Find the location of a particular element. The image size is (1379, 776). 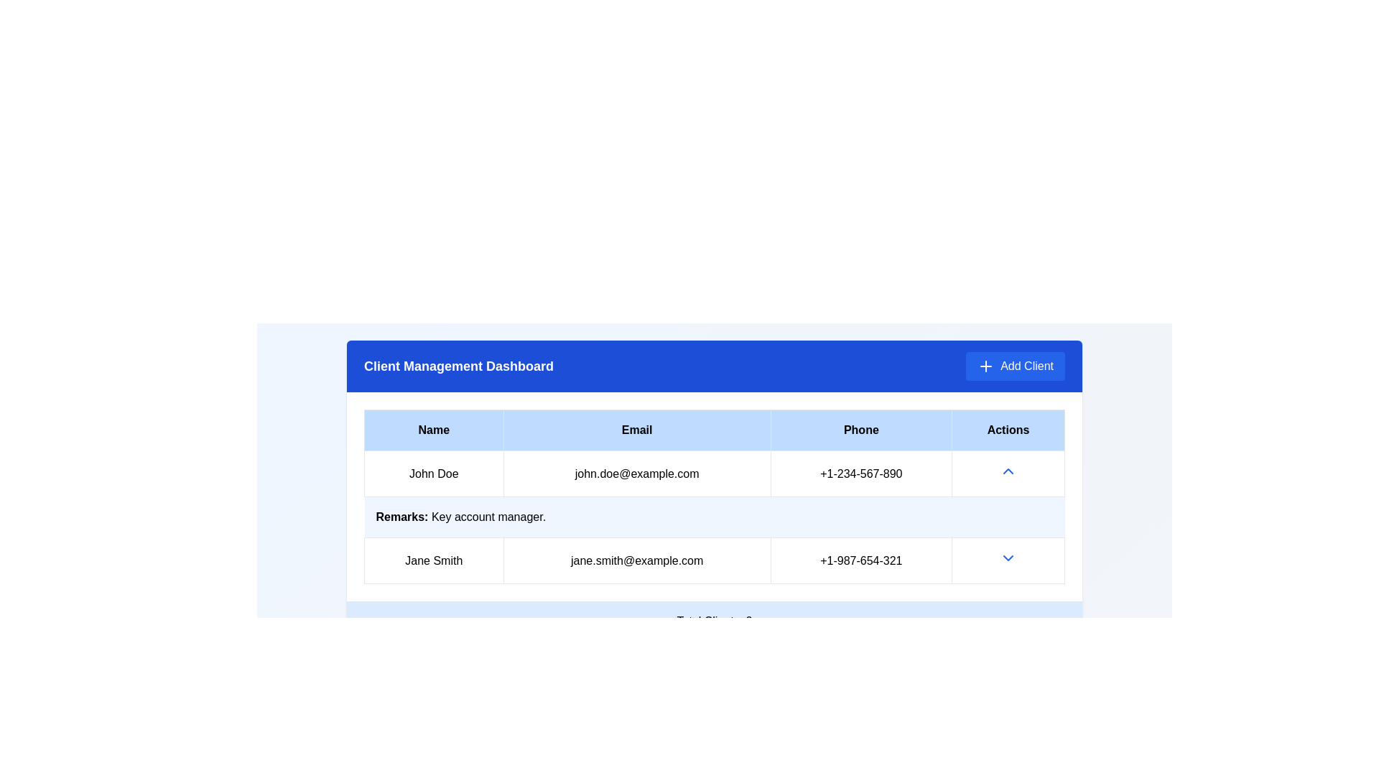

the blue downward-pointing chevron icon in the 'Actions' column for the row labeled 'Jane Smith' is located at coordinates (1007, 560).